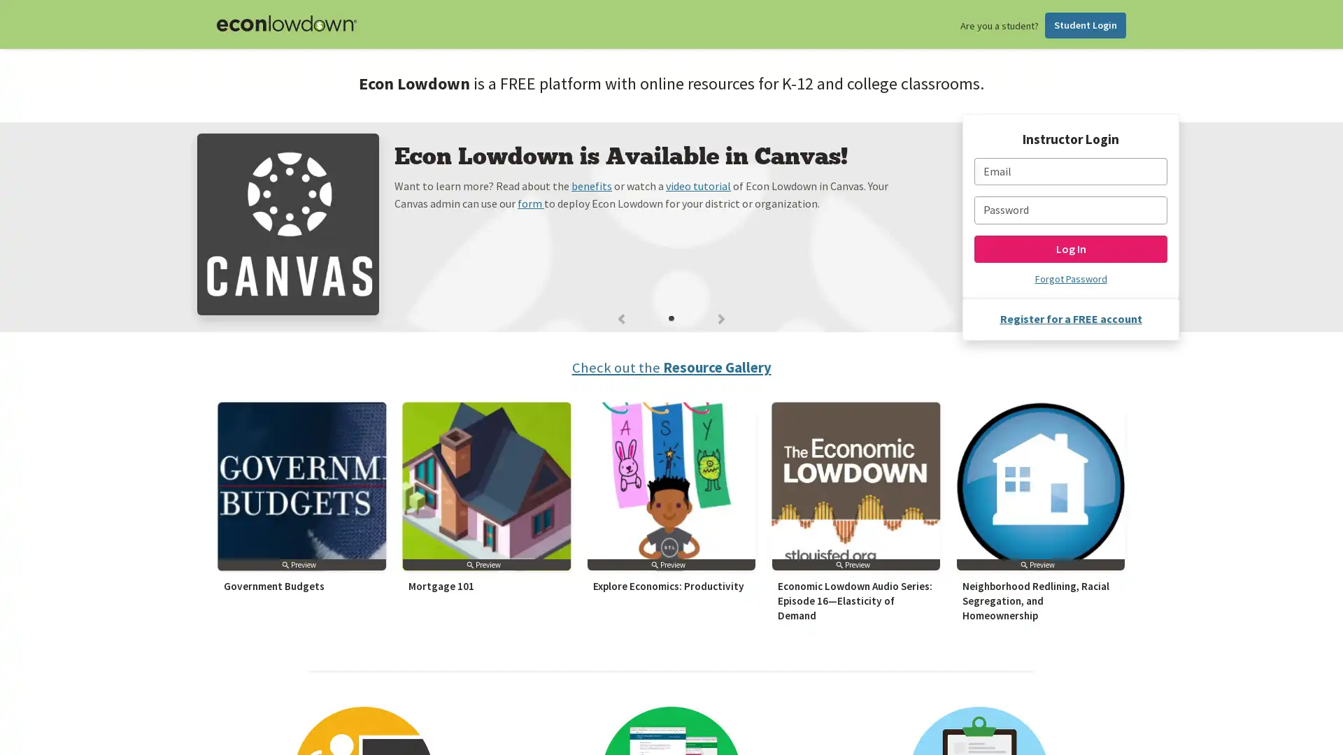 The width and height of the screenshot is (1343, 755). I want to click on Previous, so click(620, 318).